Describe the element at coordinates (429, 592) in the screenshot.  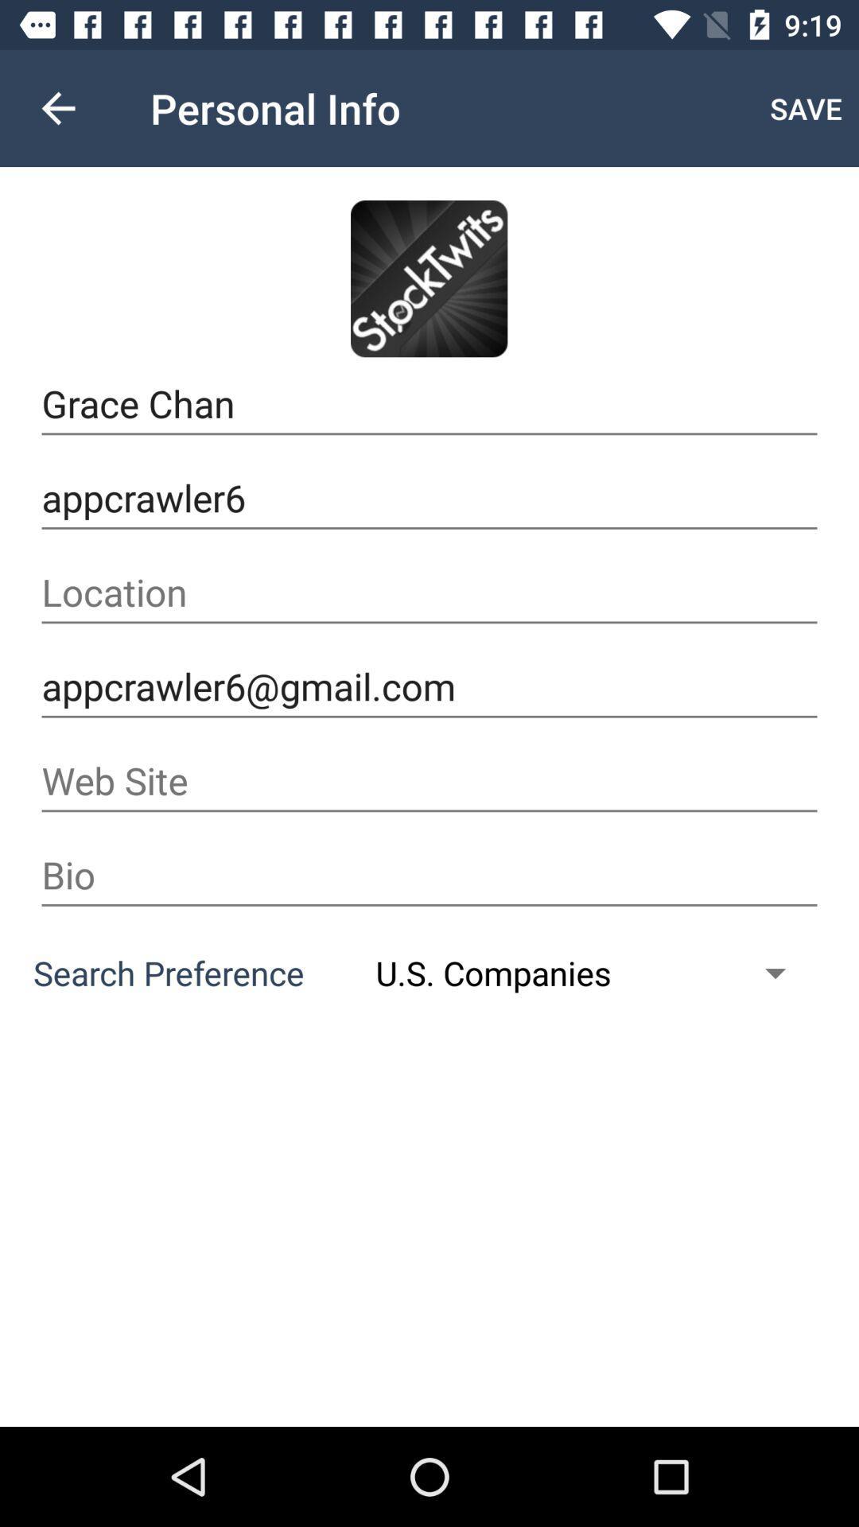
I see `the icon below appcrawler6 item` at that location.